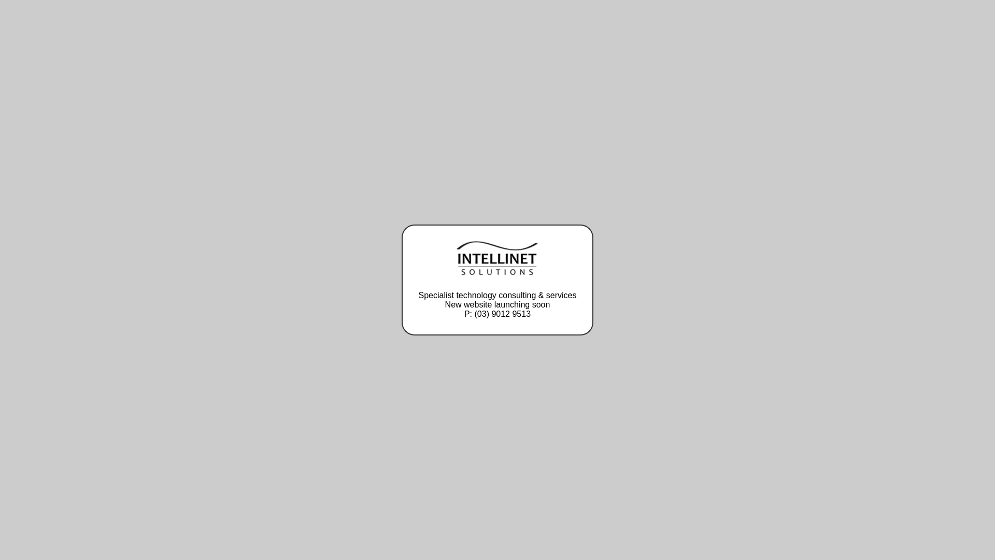 The width and height of the screenshot is (995, 560). I want to click on '(03) 9012 9513', so click(503, 313).